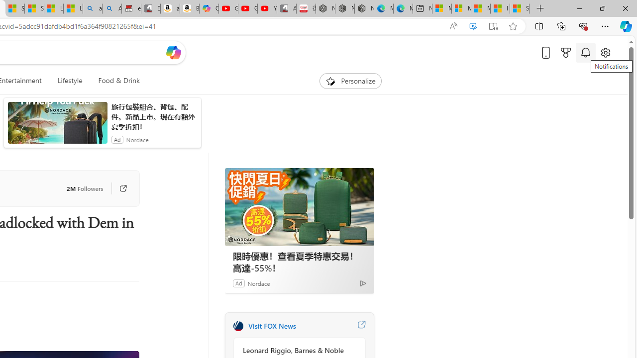  Describe the element at coordinates (493, 26) in the screenshot. I see `'Enter Immersive Reader (F9)'` at that location.